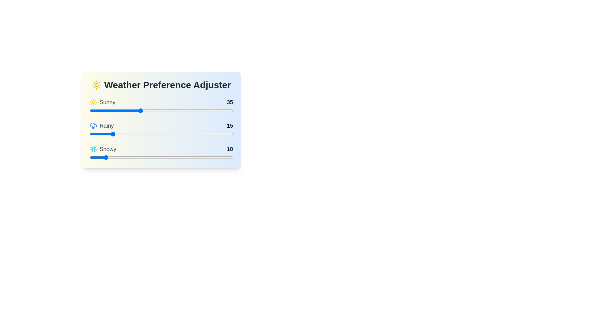 This screenshot has width=593, height=333. I want to click on the slider for 'Rainy' to set its value to 6, so click(98, 134).